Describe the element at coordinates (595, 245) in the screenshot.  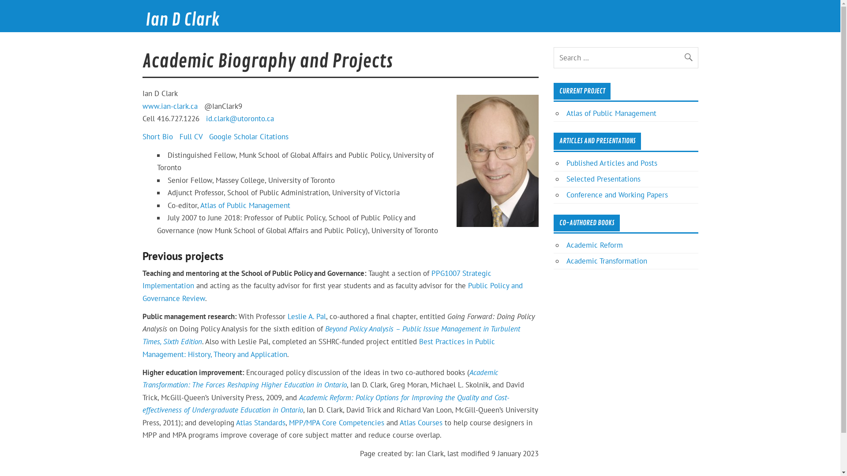
I see `'Academic Reform'` at that location.